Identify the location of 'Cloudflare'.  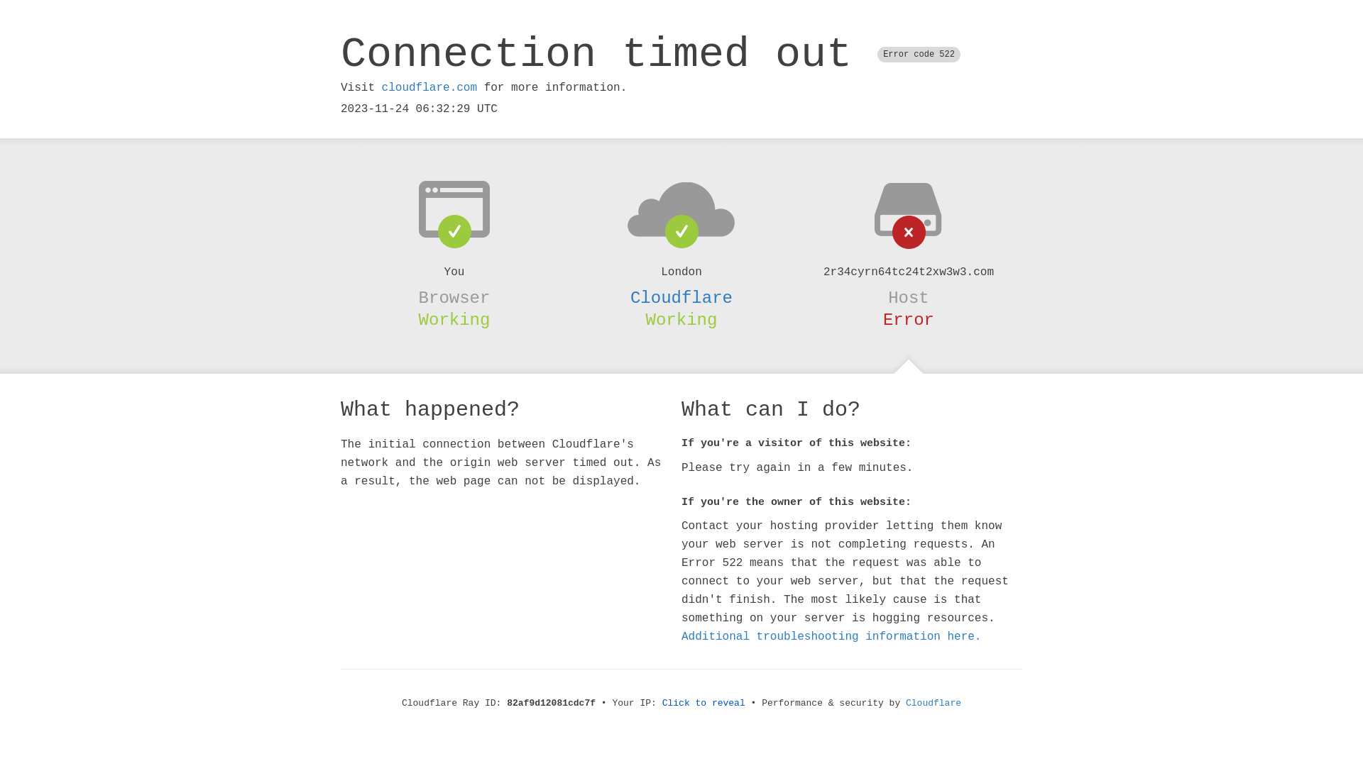
(681, 297).